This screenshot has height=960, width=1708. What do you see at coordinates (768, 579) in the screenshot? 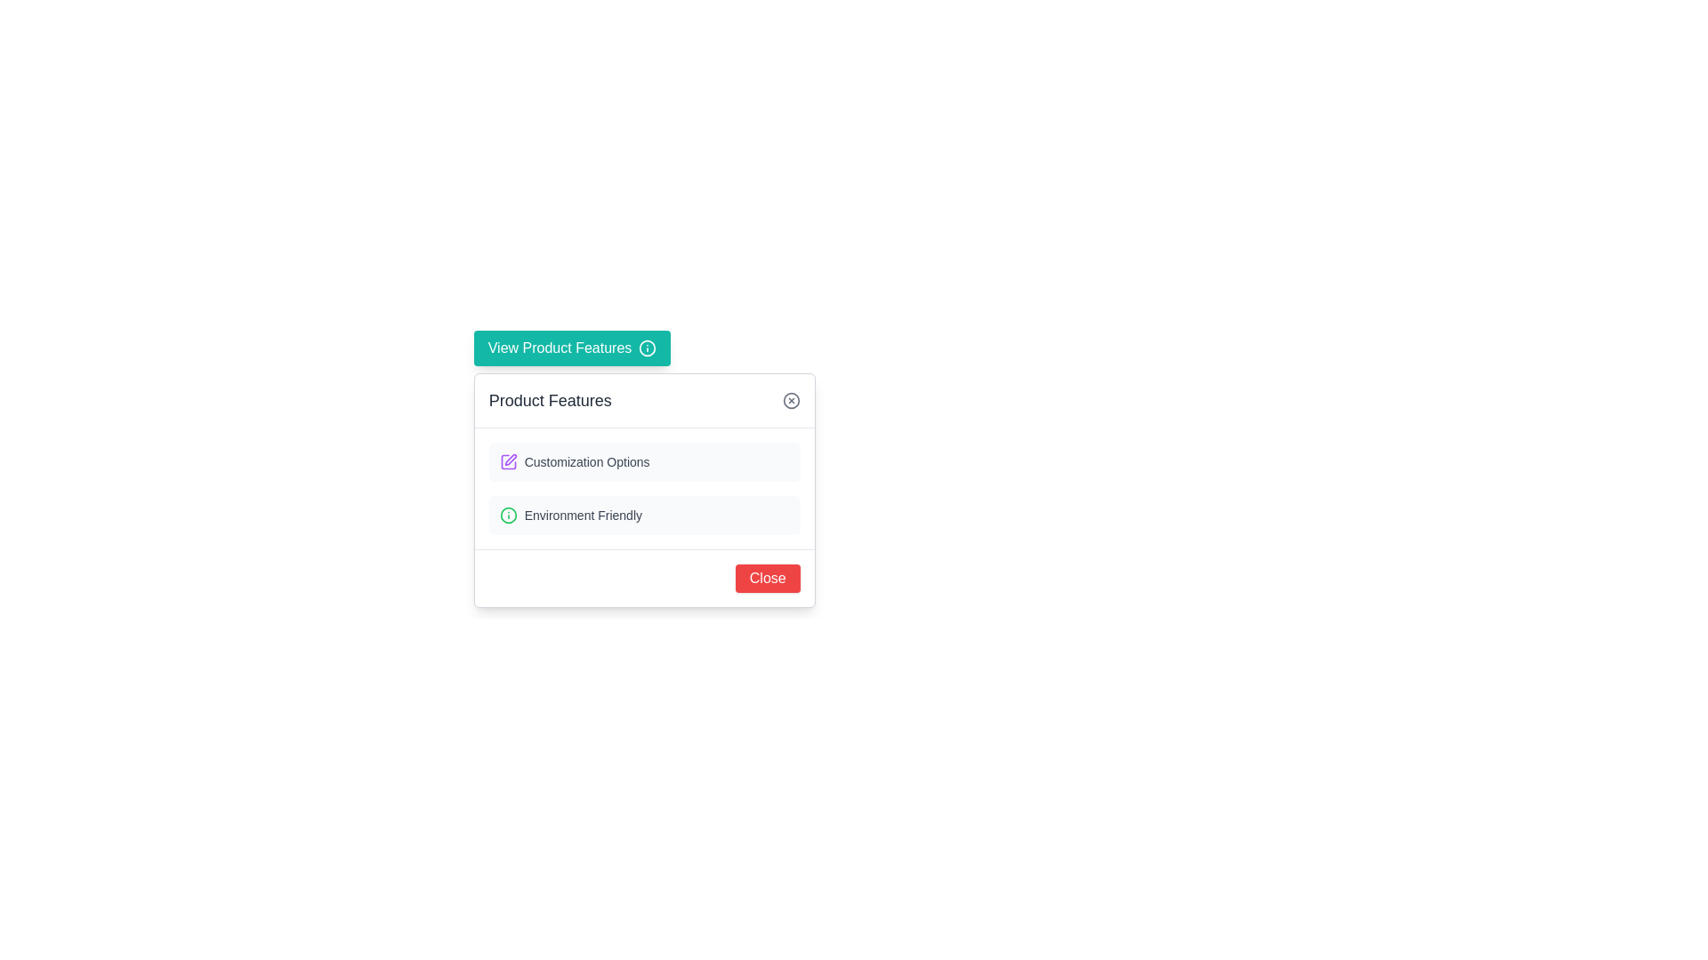
I see `the 'Close' button with a red background and white text located in the bottom-right corner of the 'Product Features' panel to observe hover effects` at bounding box center [768, 579].